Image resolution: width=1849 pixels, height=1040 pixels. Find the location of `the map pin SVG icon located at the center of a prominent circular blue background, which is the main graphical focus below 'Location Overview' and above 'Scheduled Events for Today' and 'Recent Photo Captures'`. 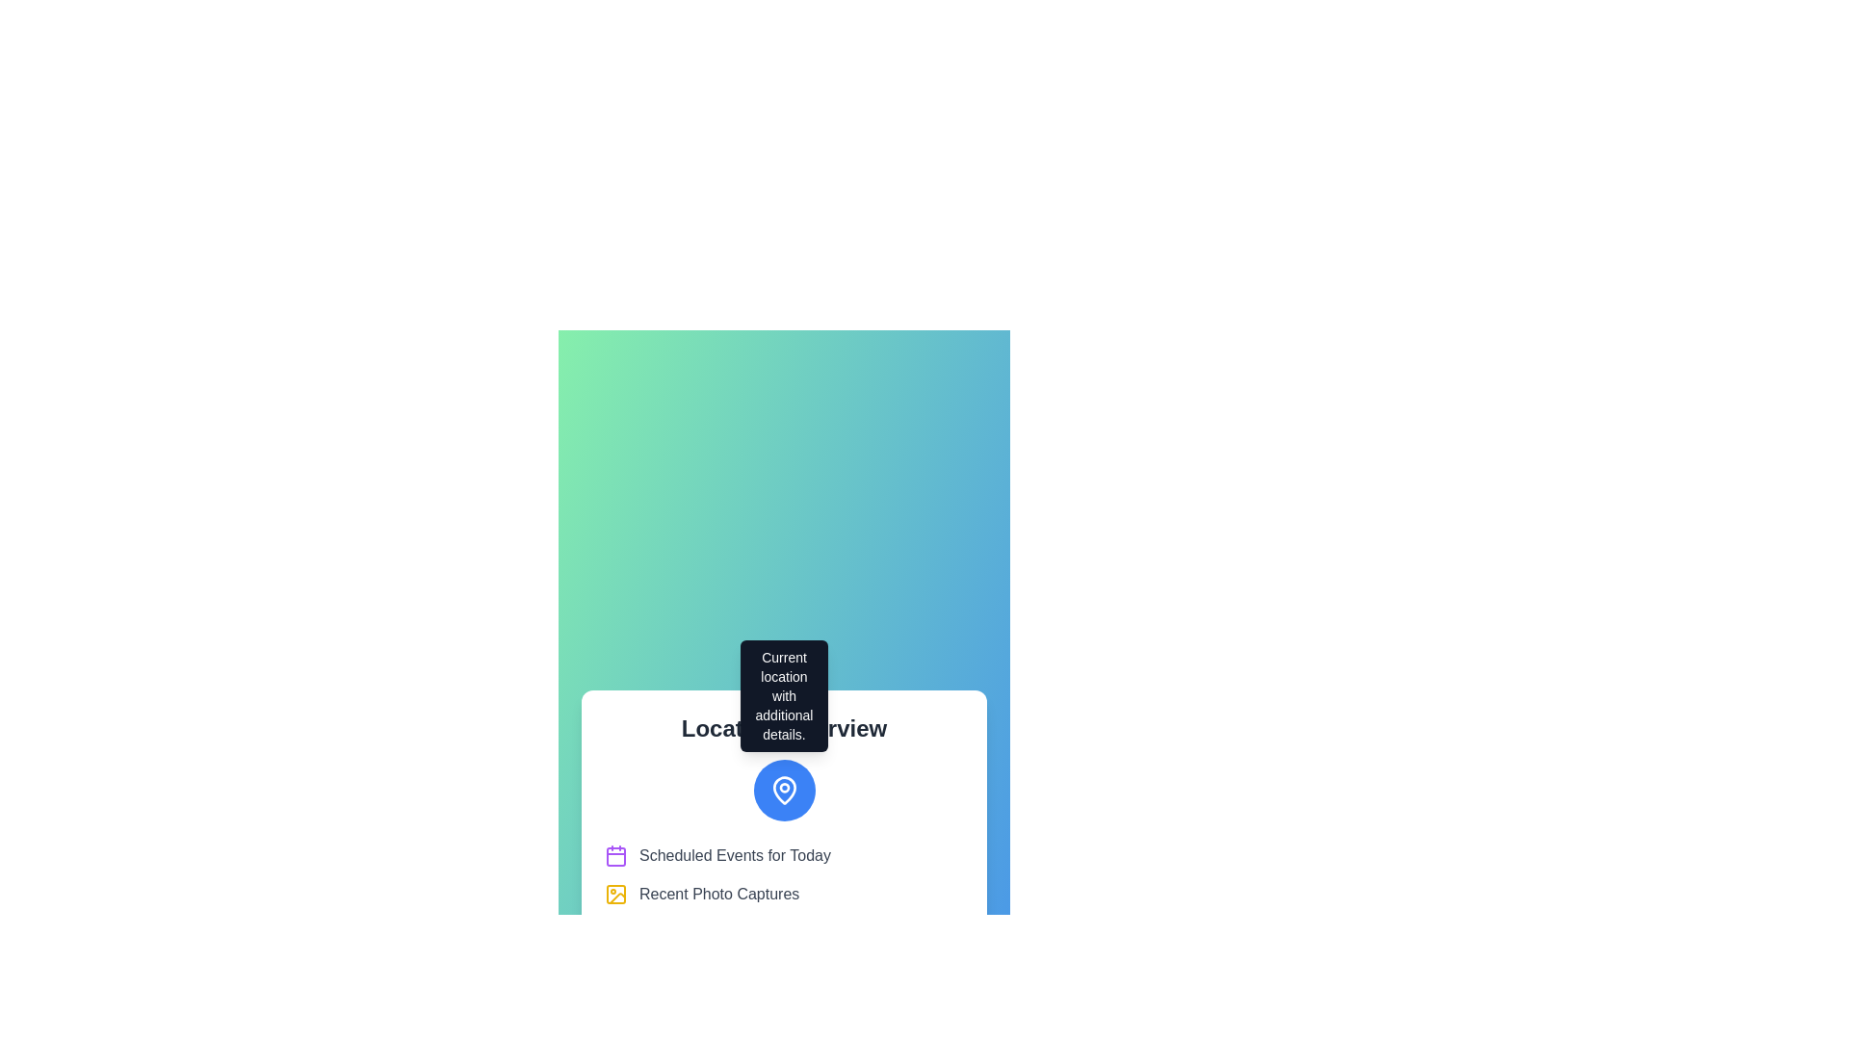

the map pin SVG icon located at the center of a prominent circular blue background, which is the main graphical focus below 'Location Overview' and above 'Scheduled Events for Today' and 'Recent Photo Captures' is located at coordinates (784, 791).